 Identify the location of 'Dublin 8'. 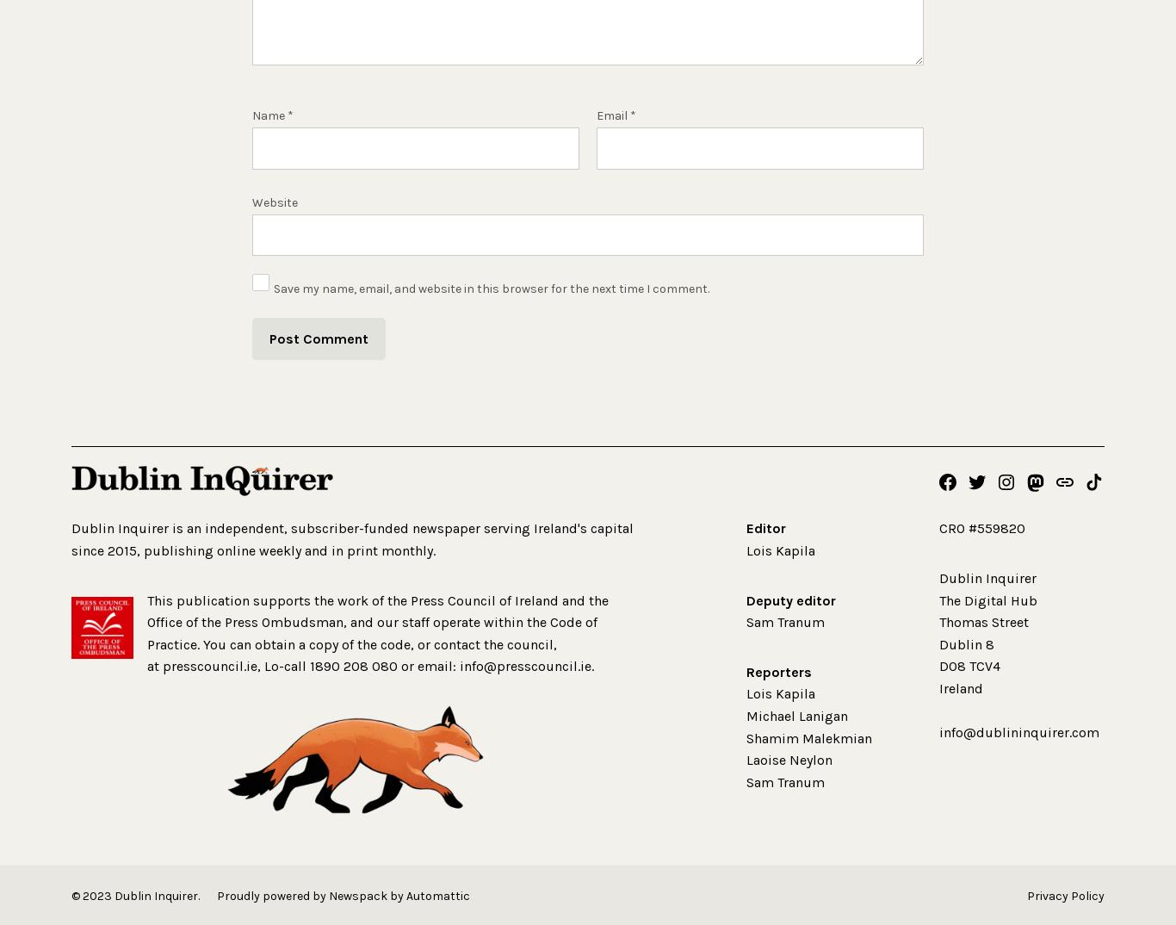
(965, 643).